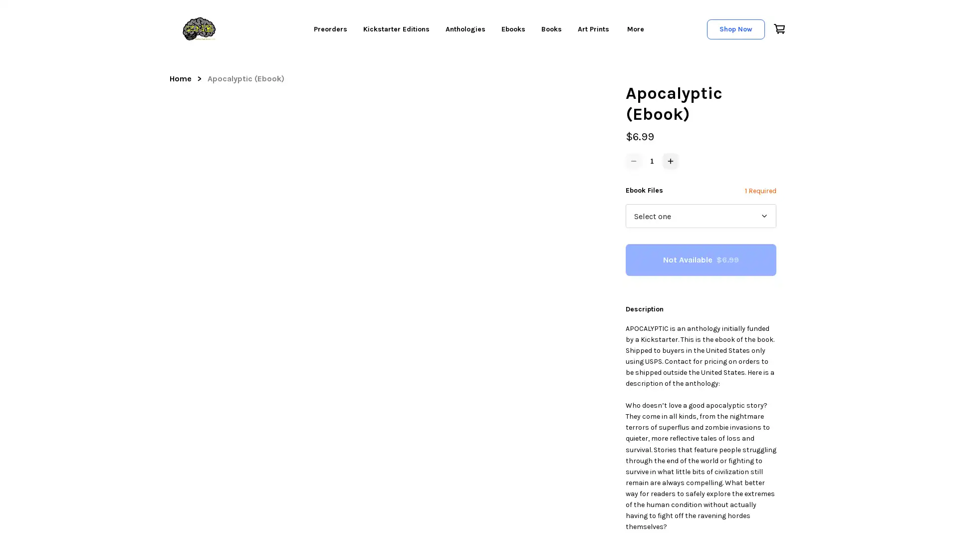  Describe the element at coordinates (701, 259) in the screenshot. I see `Not Available $6.99` at that location.